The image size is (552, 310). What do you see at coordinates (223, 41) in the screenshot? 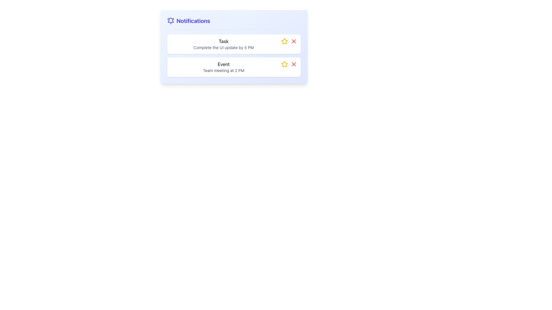
I see `the text element that reads 'Task', which is styled with a medium font weight and gray color, located at the top-left corner of the notification card` at bounding box center [223, 41].